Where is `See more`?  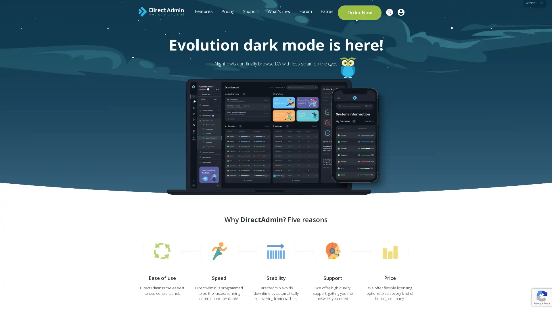
See more is located at coordinates (130, 127).